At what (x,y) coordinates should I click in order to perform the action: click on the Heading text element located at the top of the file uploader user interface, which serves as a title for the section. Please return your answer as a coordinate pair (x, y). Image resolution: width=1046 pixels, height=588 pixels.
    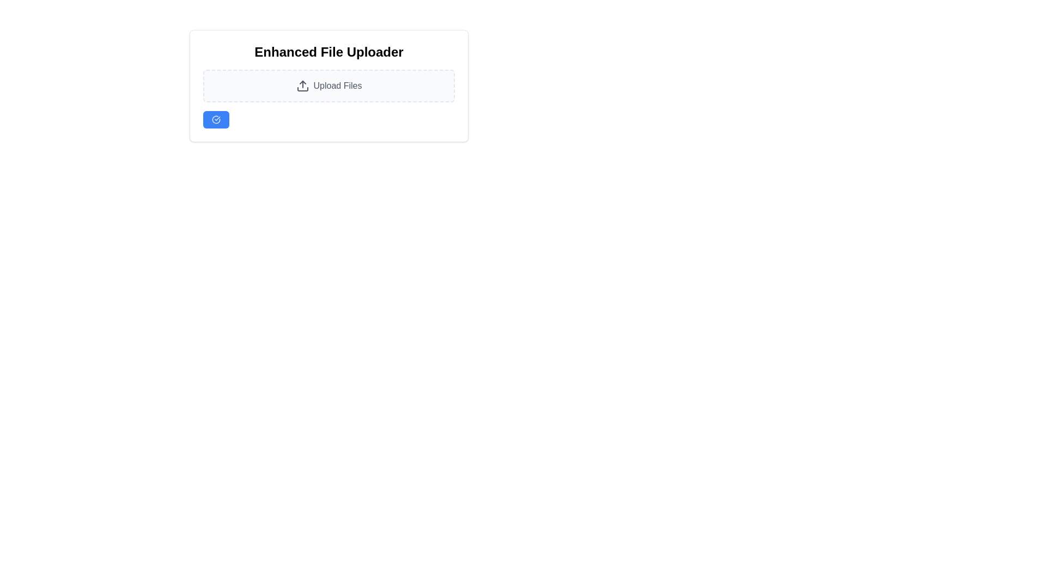
    Looking at the image, I should click on (329, 52).